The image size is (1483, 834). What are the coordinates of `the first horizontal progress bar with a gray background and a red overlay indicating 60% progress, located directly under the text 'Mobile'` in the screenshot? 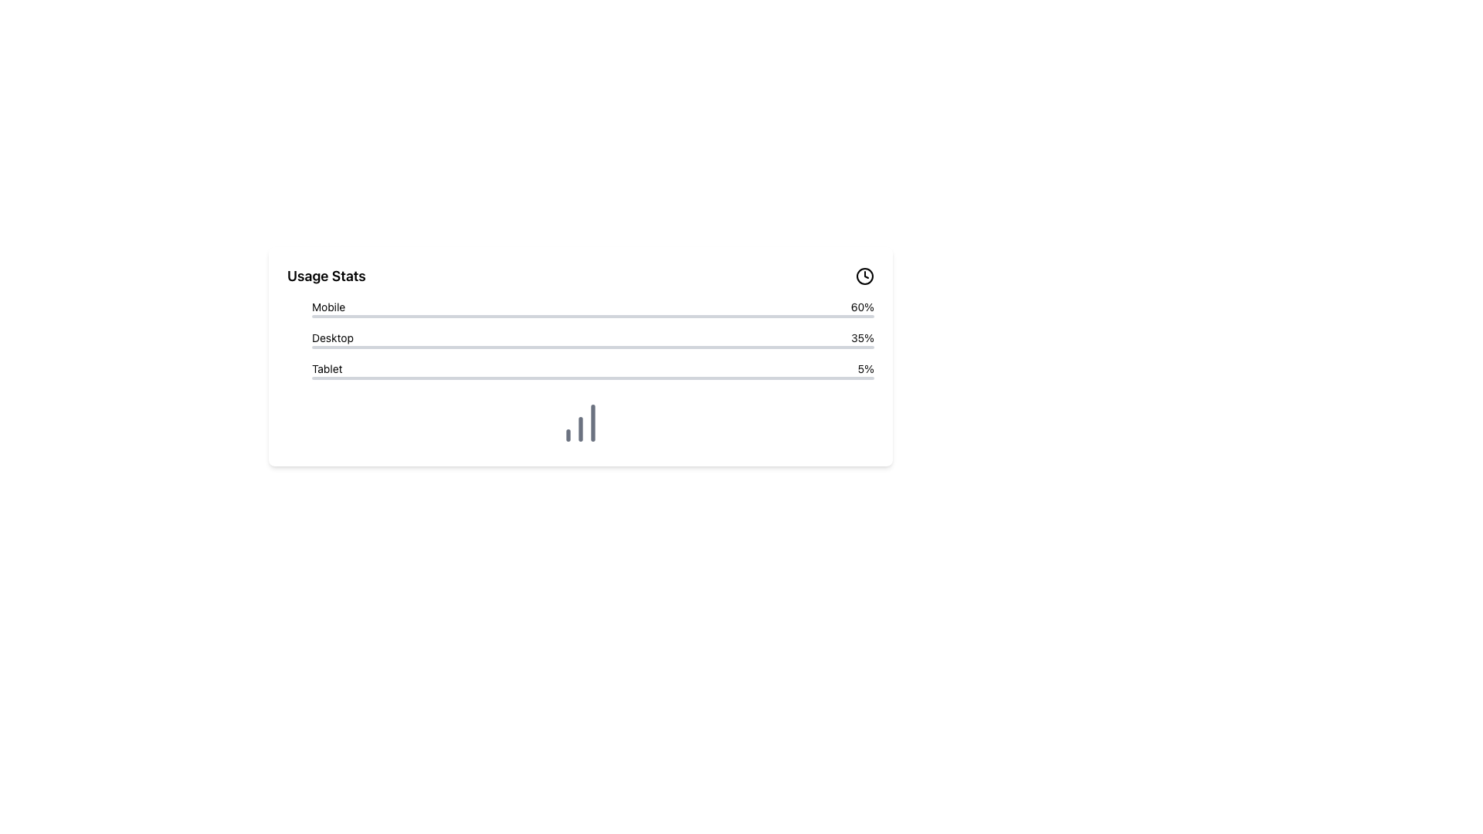 It's located at (592, 315).